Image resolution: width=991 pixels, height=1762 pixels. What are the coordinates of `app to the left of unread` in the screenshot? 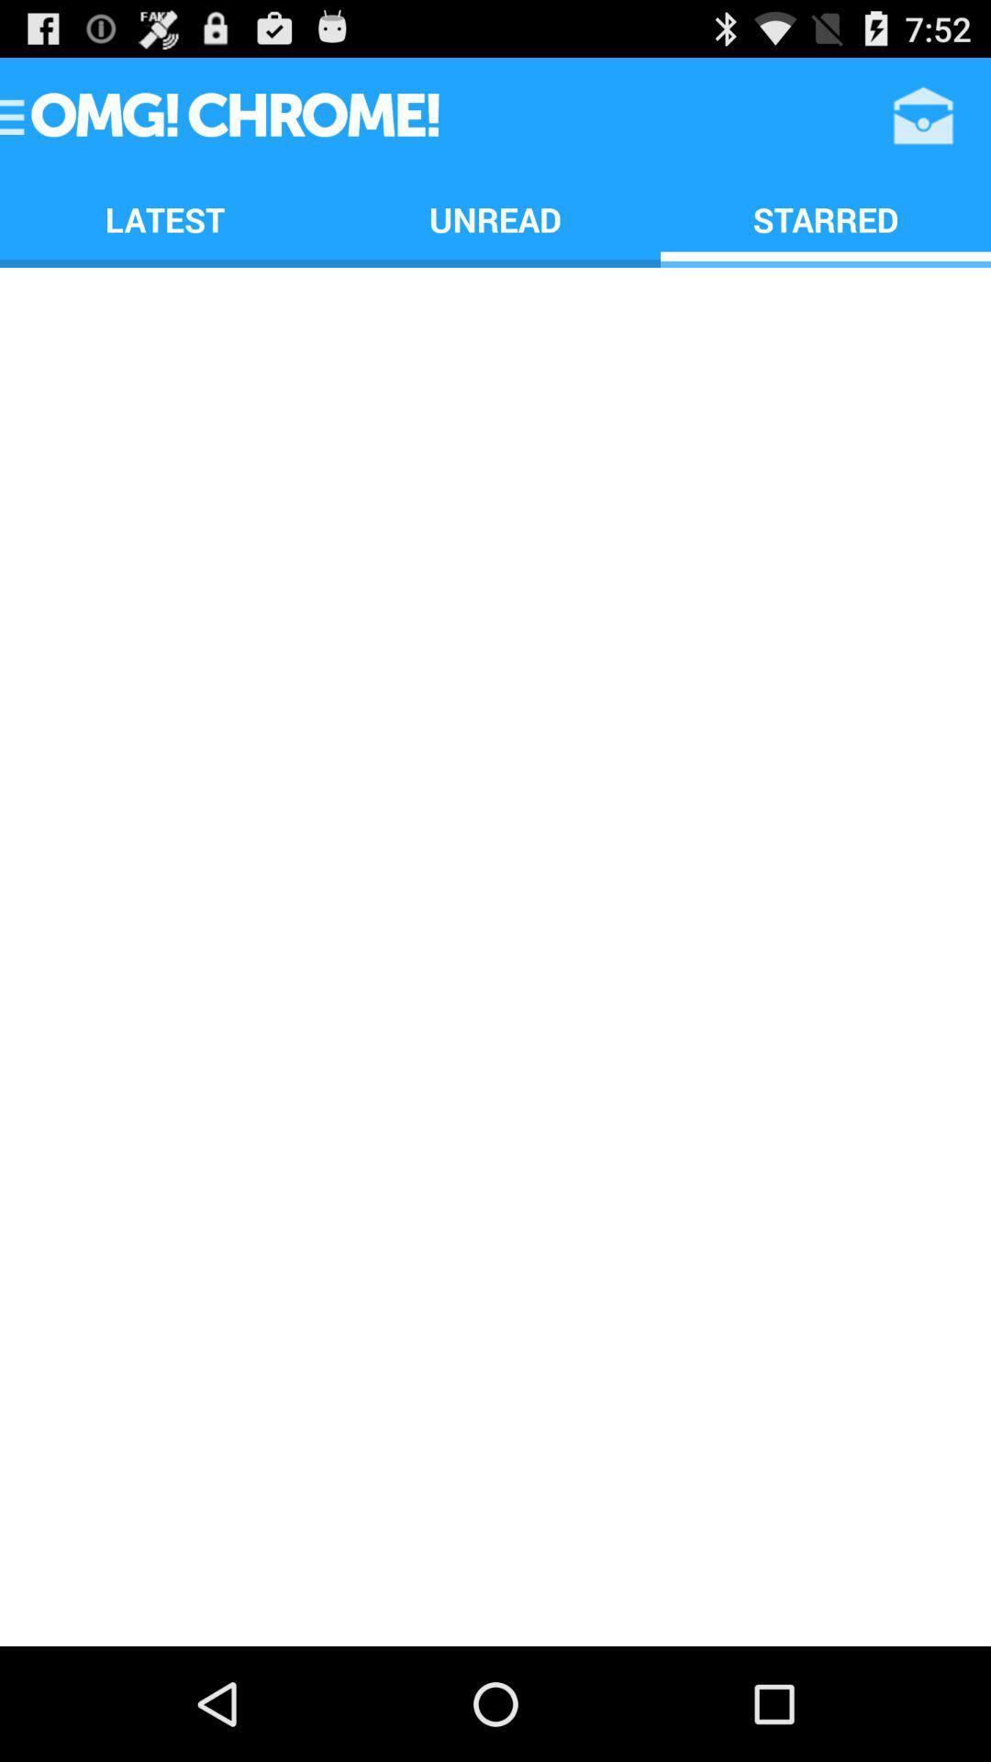 It's located at (165, 219).